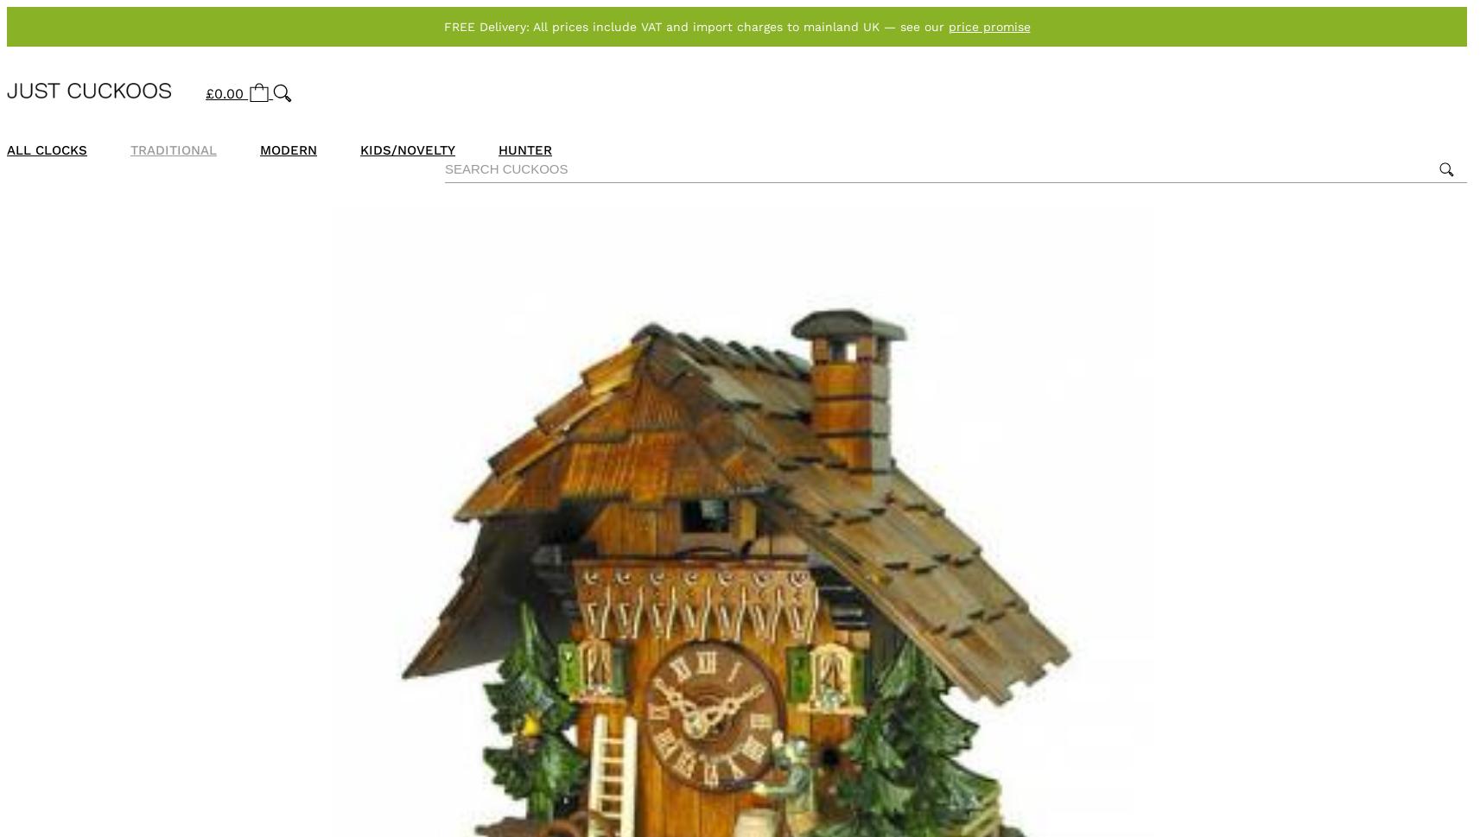 The height and width of the screenshot is (837, 1480). Describe the element at coordinates (524, 149) in the screenshot. I see `'Hunter'` at that location.